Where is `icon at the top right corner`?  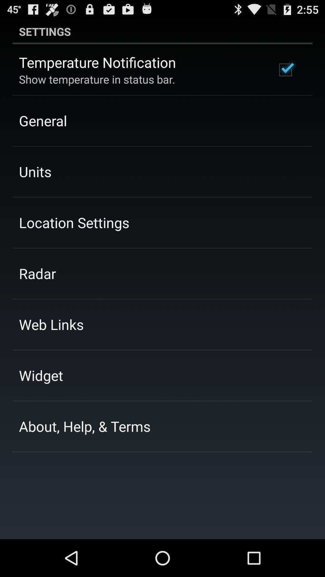 icon at the top right corner is located at coordinates (285, 70).